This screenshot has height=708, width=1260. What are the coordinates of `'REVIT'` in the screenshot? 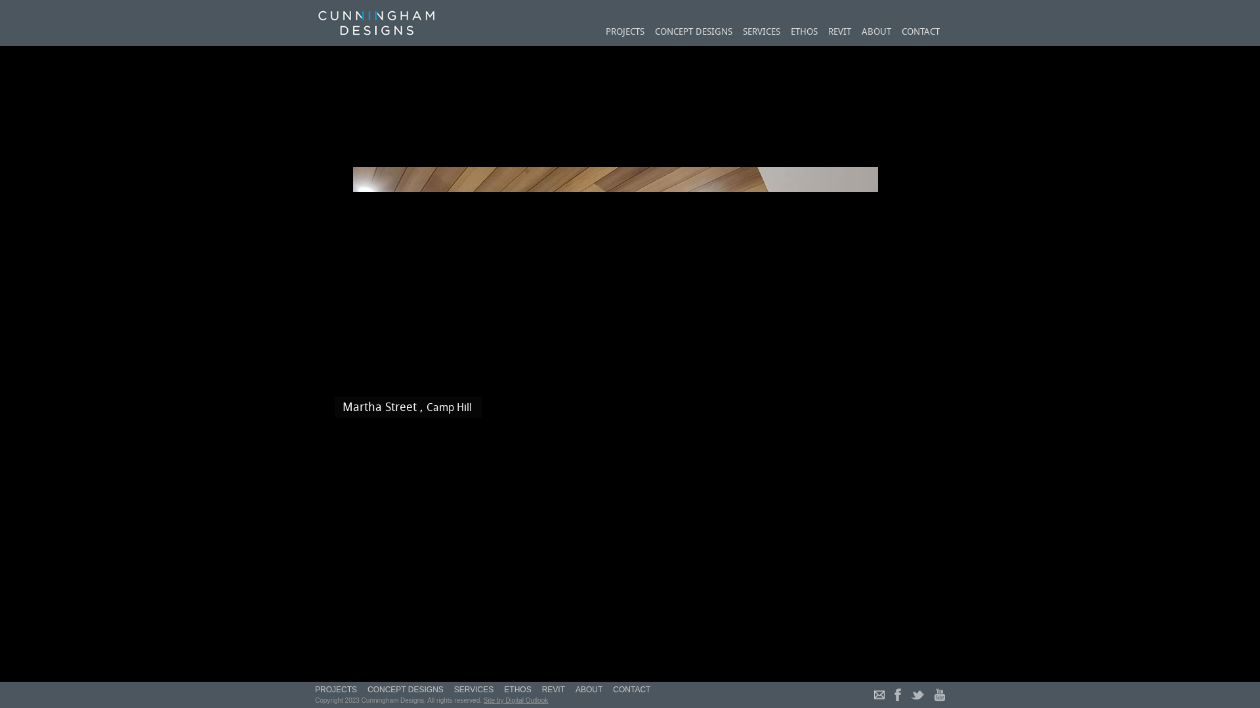 It's located at (839, 32).